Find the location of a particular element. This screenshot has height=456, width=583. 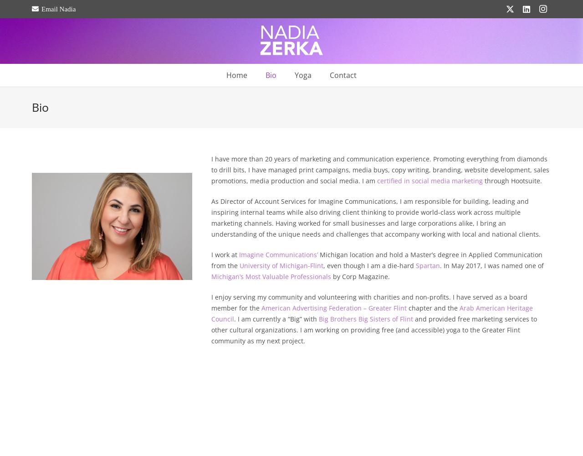

'Email Nadia' is located at coordinates (58, 9).